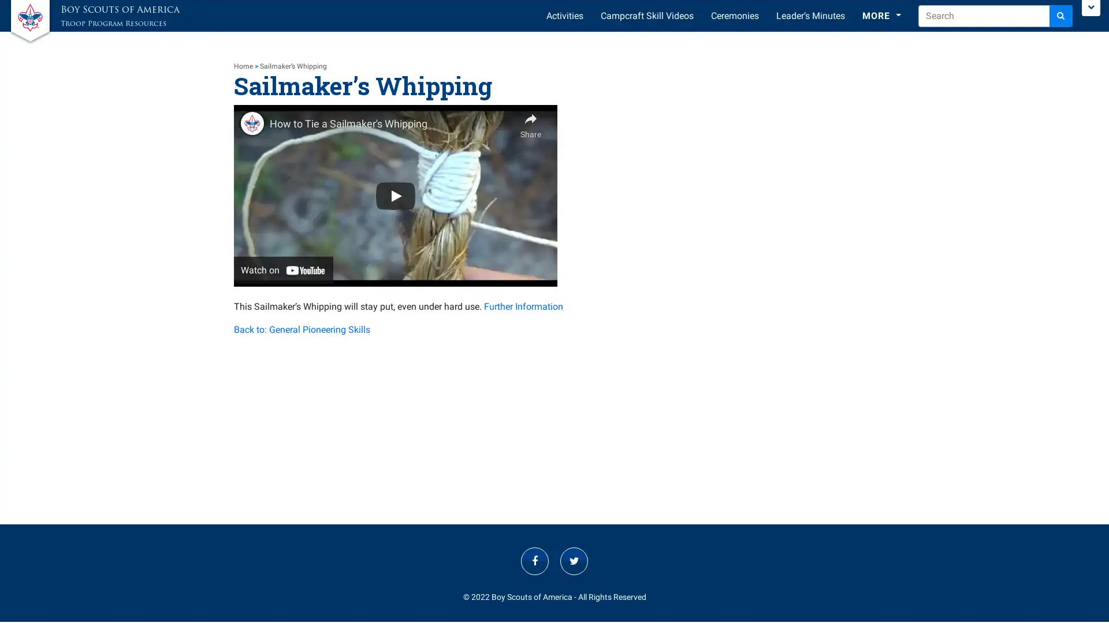 This screenshot has height=623, width=1109. Describe the element at coordinates (1061, 16) in the screenshot. I see `Search` at that location.